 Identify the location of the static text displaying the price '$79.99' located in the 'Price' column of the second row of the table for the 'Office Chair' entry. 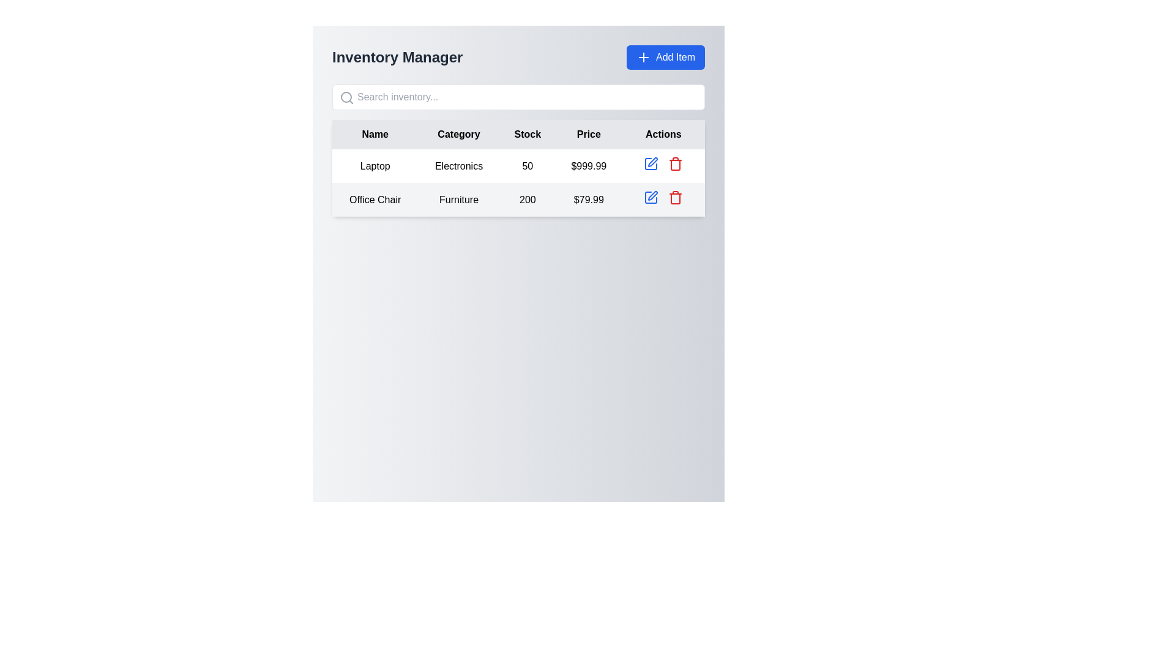
(589, 199).